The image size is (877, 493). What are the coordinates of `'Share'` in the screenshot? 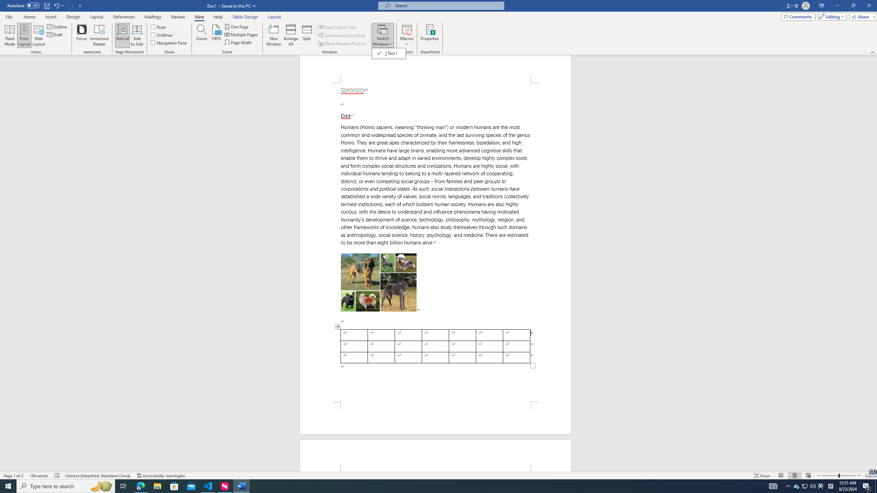 It's located at (862, 16).